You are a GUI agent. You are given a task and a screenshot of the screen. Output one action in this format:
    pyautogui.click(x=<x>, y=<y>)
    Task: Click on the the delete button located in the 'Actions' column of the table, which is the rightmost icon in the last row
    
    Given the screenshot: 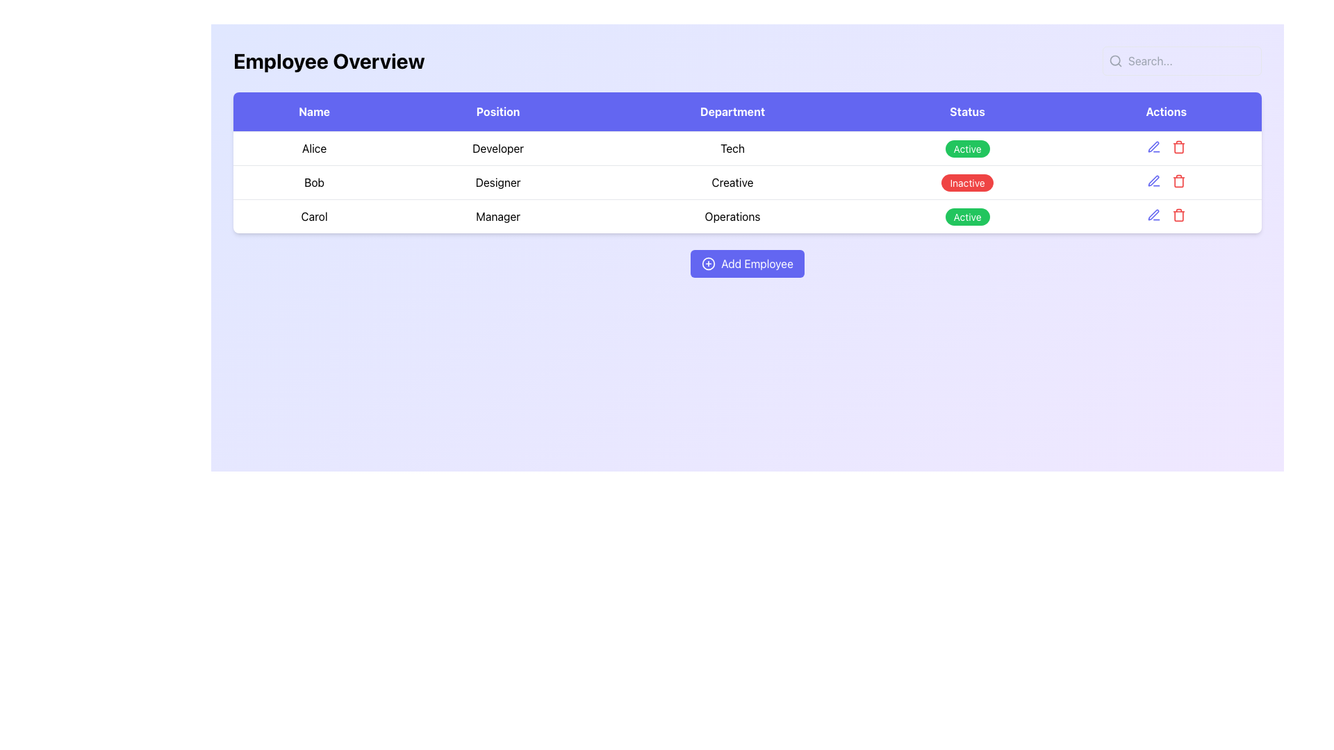 What is the action you would take?
    pyautogui.click(x=1178, y=215)
    